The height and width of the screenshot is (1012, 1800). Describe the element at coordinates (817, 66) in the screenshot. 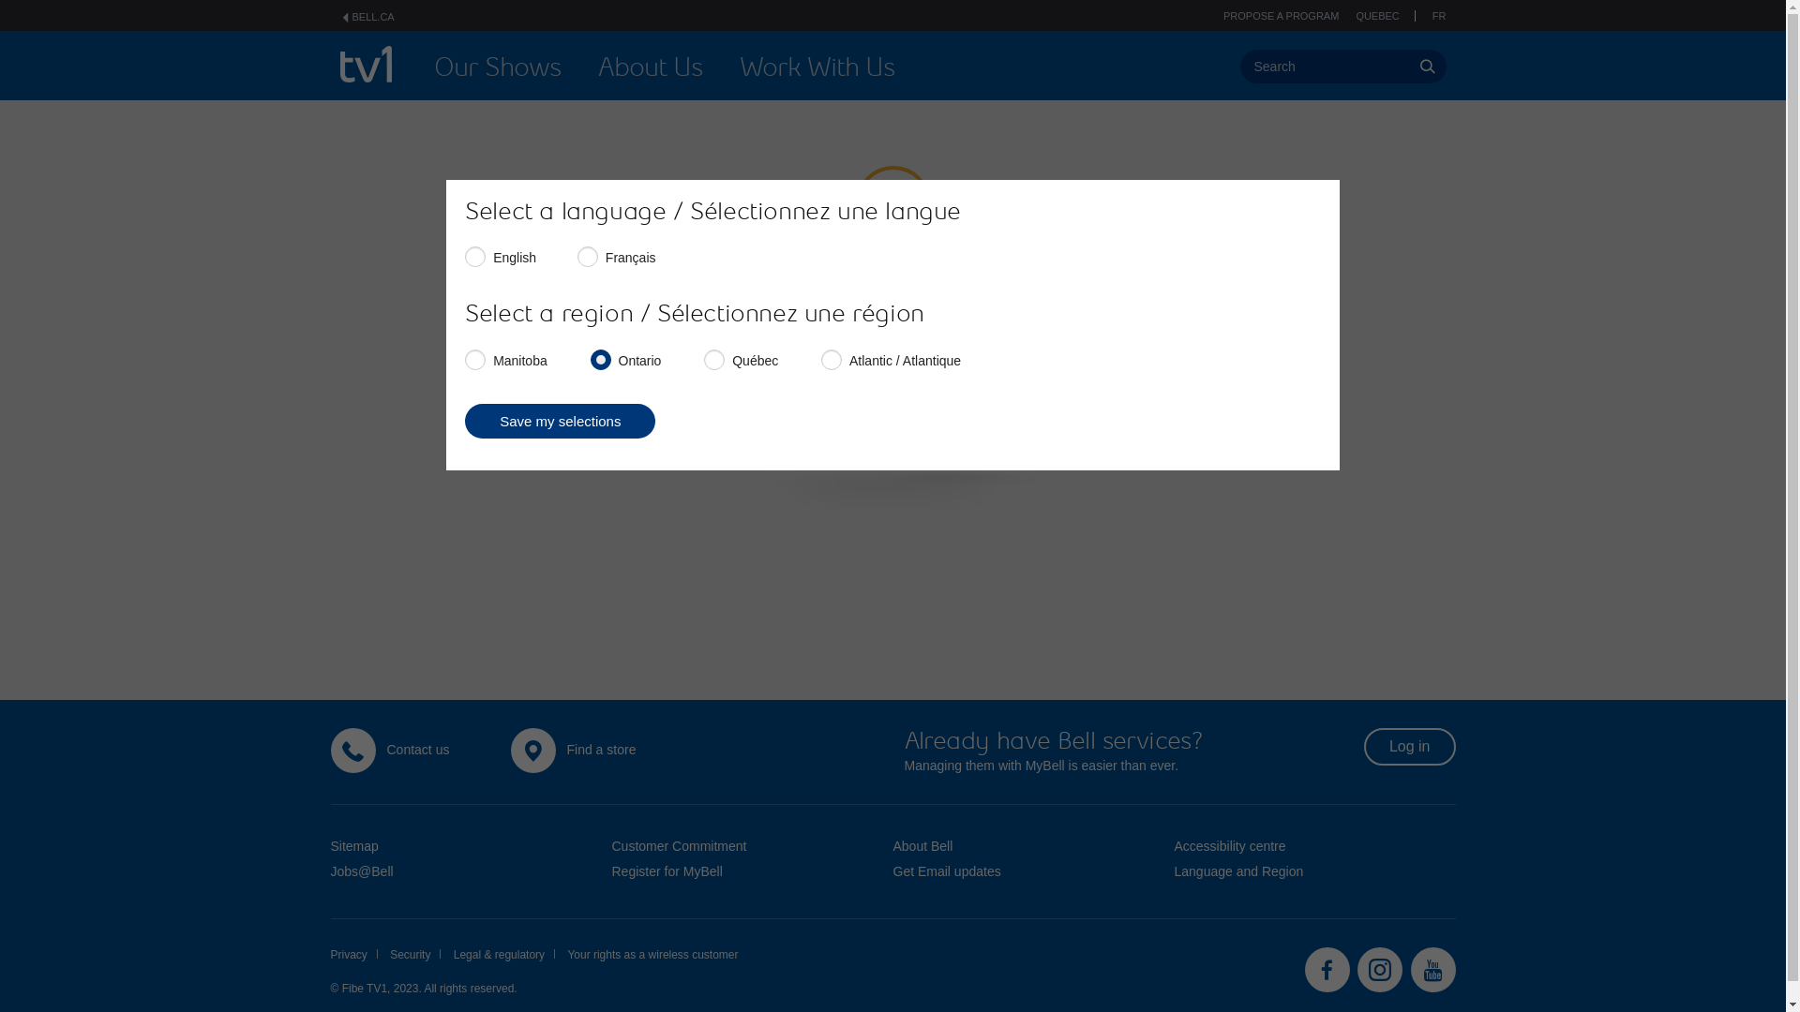

I see `'Work With Us'` at that location.